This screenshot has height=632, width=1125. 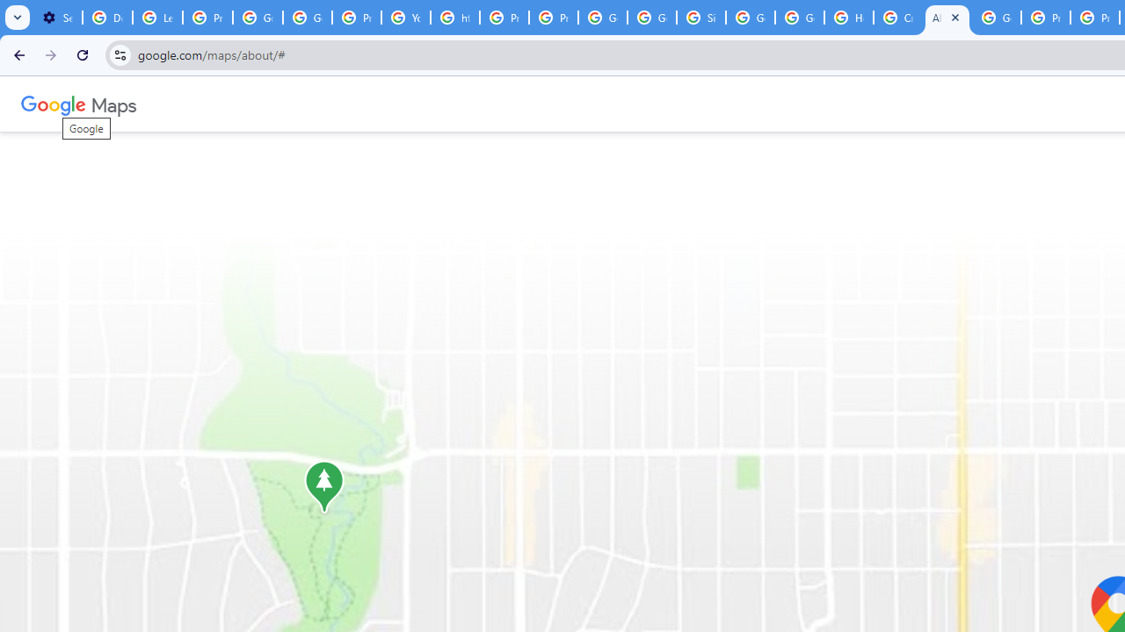 What do you see at coordinates (17, 54) in the screenshot?
I see `'Back'` at bounding box center [17, 54].